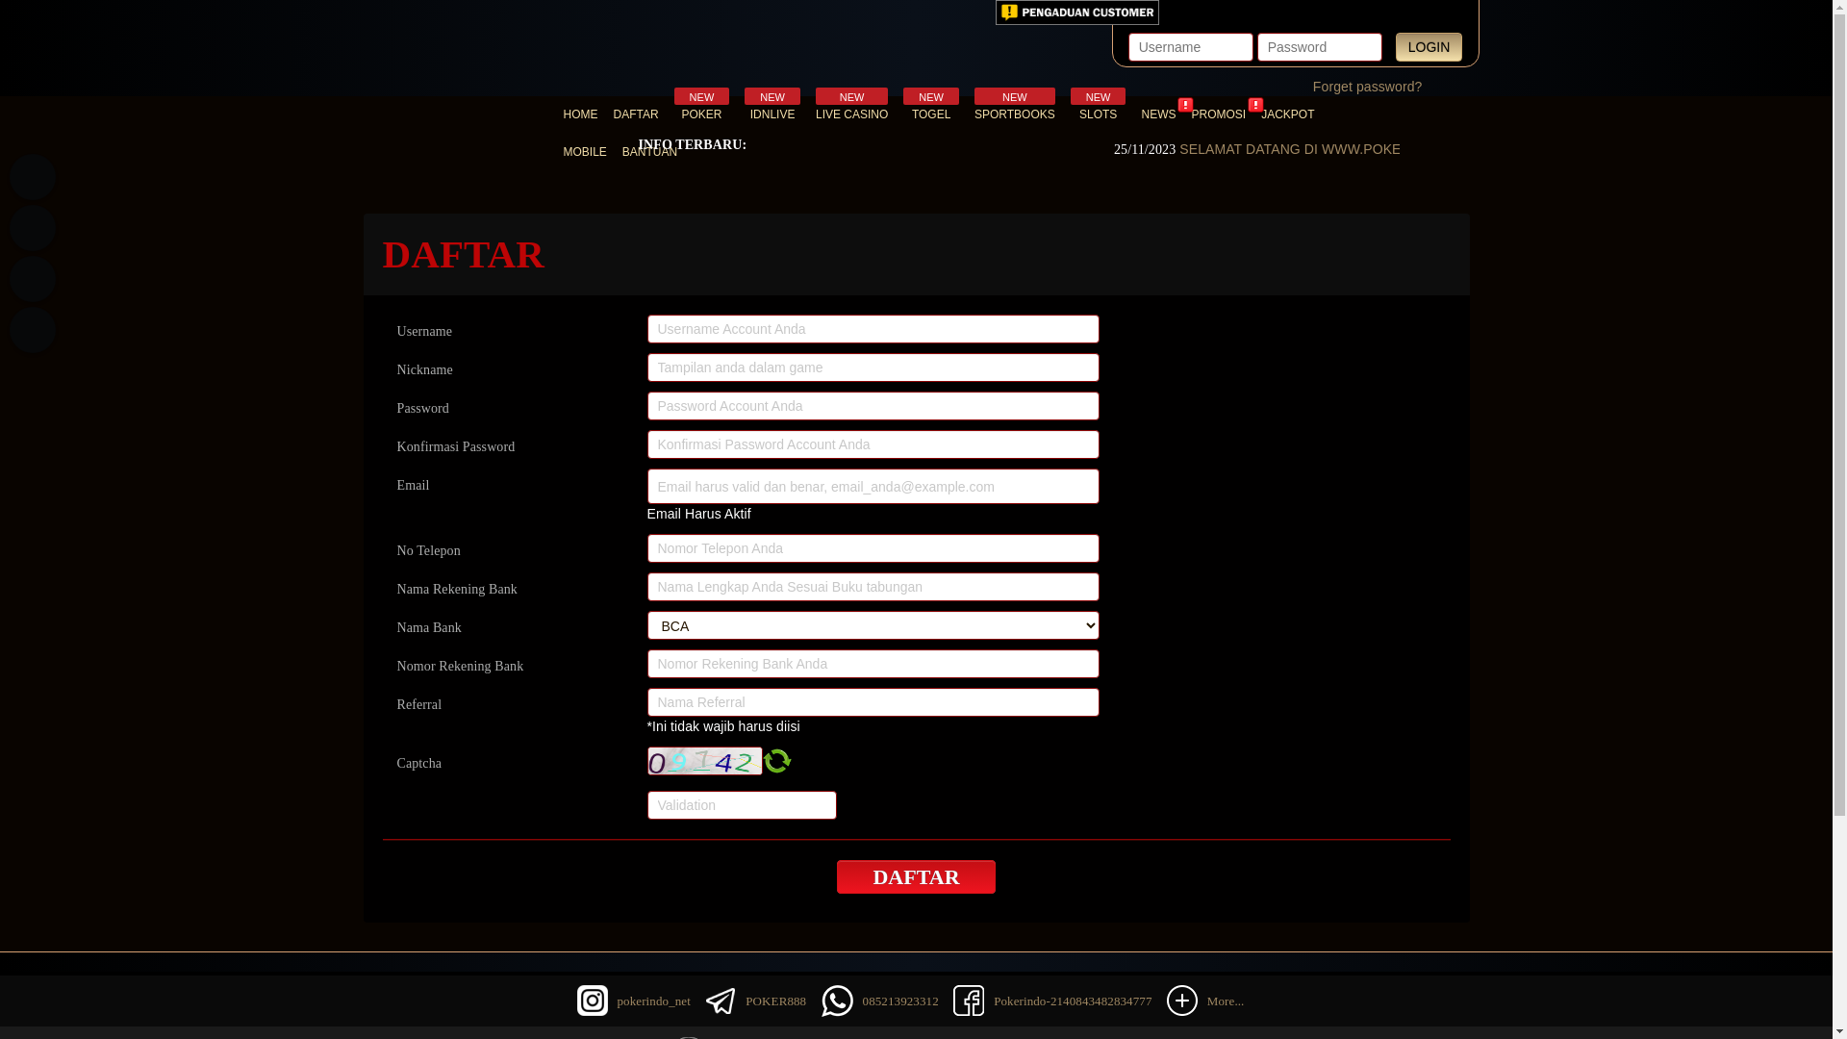  What do you see at coordinates (700, 114) in the screenshot?
I see `'NEW` at bounding box center [700, 114].